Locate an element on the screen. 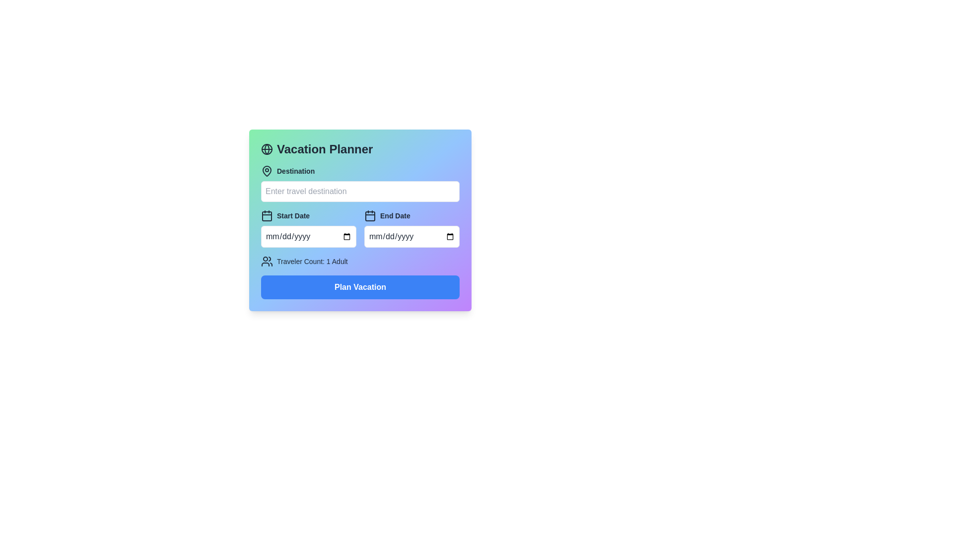 This screenshot has height=536, width=953. the 'End Date' input field to enable input for selecting or typing an end date for a vacation plan is located at coordinates (412, 237).